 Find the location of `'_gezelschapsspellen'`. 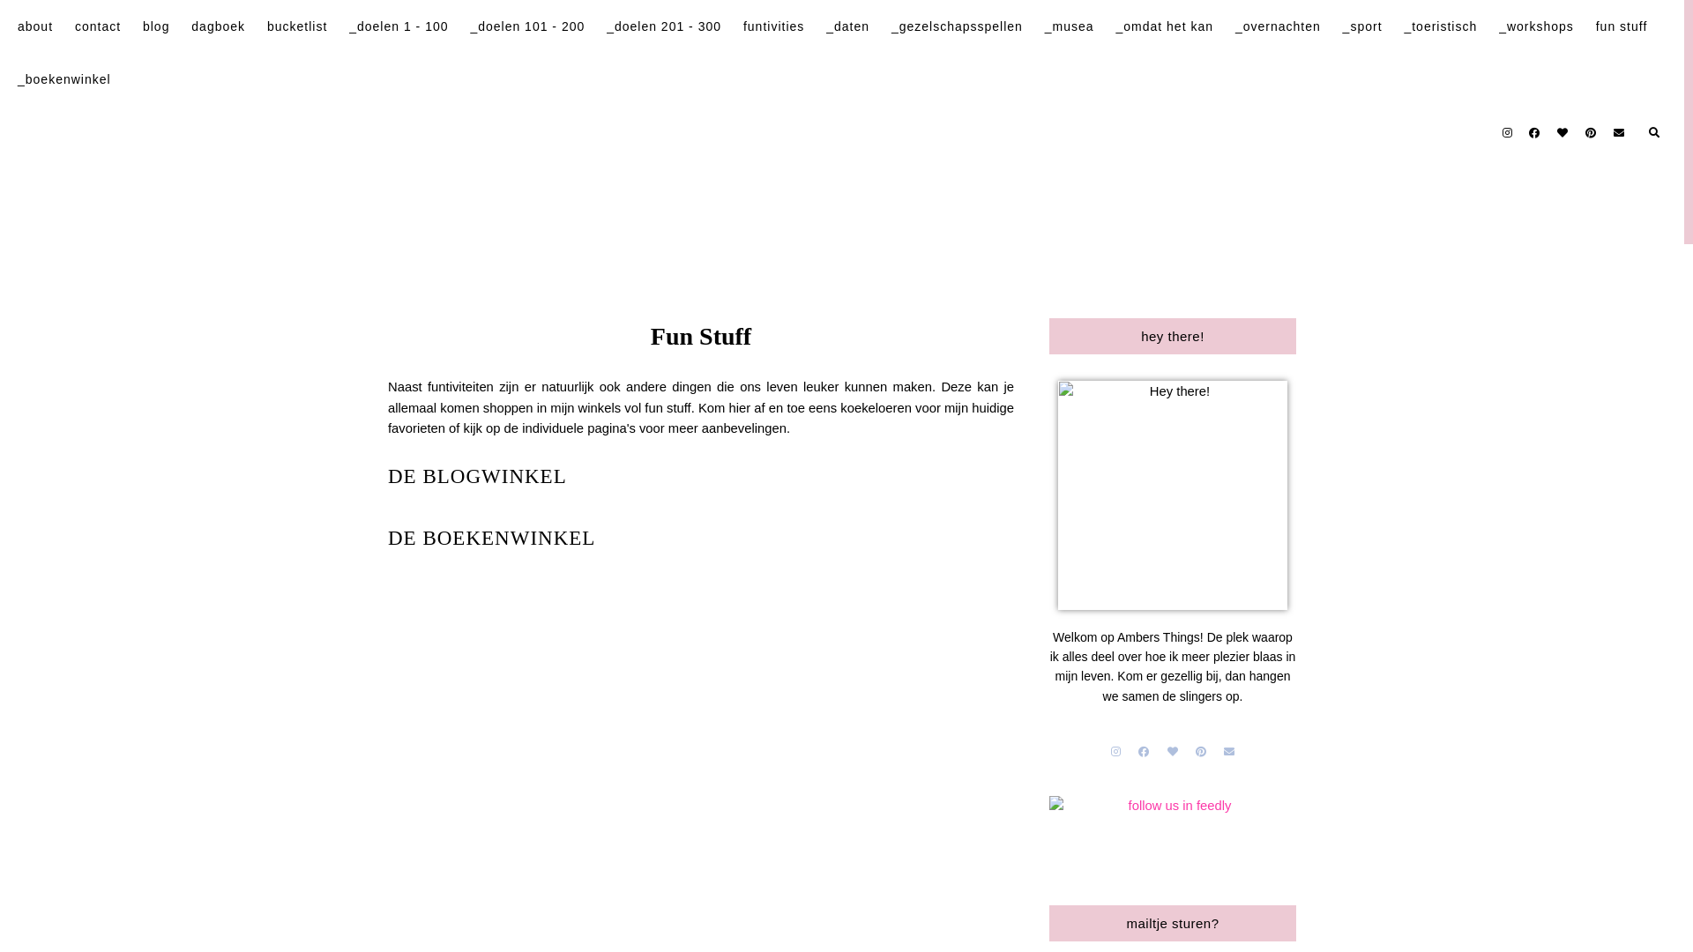

'_gezelschapsspellen' is located at coordinates (956, 26).